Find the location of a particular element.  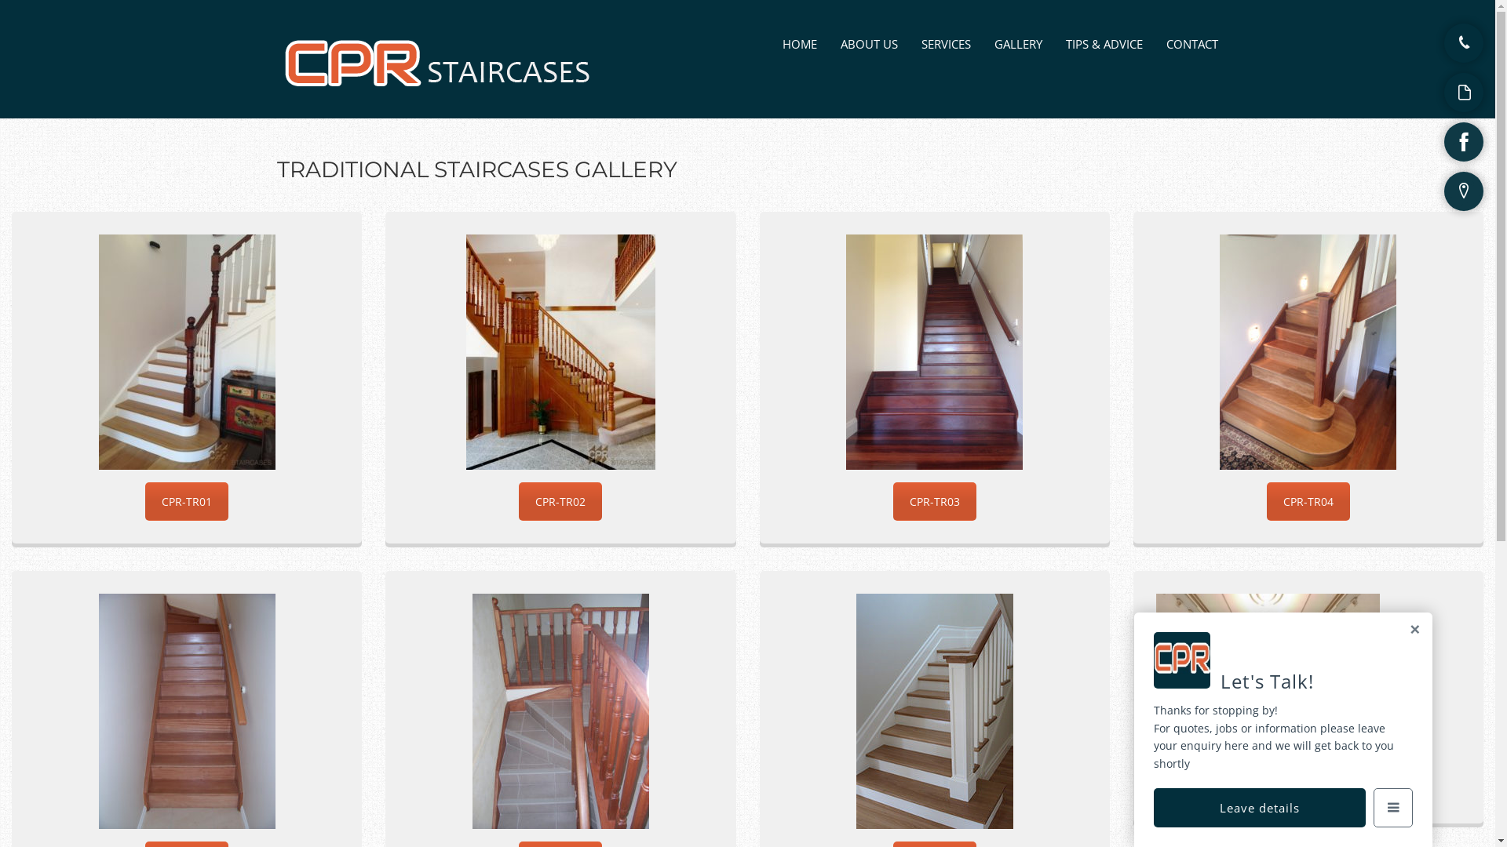

'CPR-TR01' is located at coordinates (187, 501).